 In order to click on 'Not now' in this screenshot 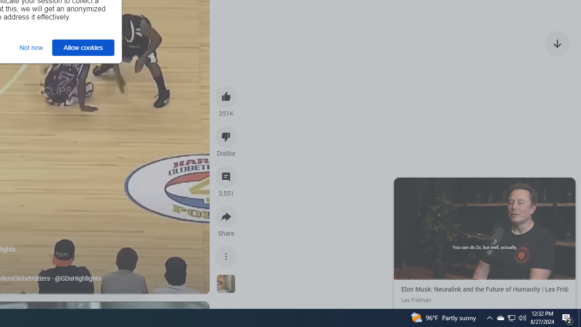, I will do `click(31, 47)`.